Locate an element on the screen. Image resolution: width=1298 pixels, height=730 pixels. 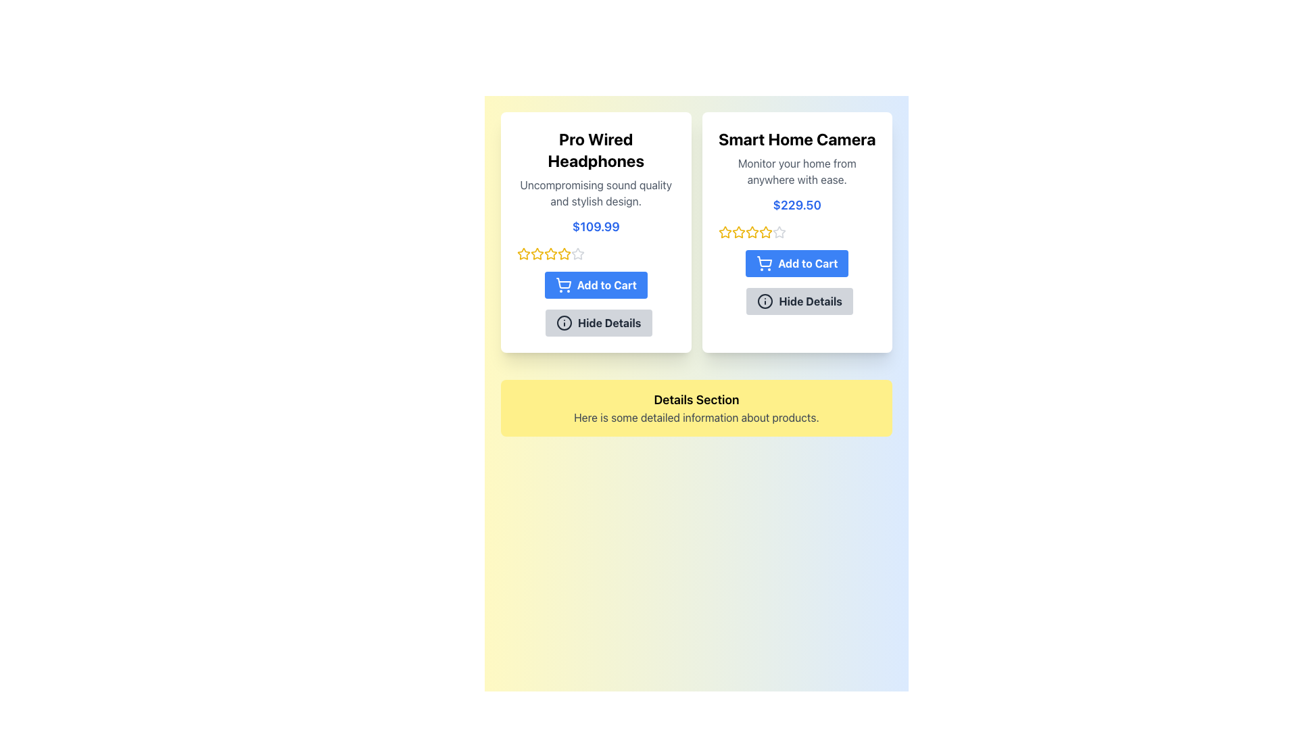
the sixth gray star icon in the rating system located under the 'Smart Home Camera' product card is located at coordinates (779, 231).